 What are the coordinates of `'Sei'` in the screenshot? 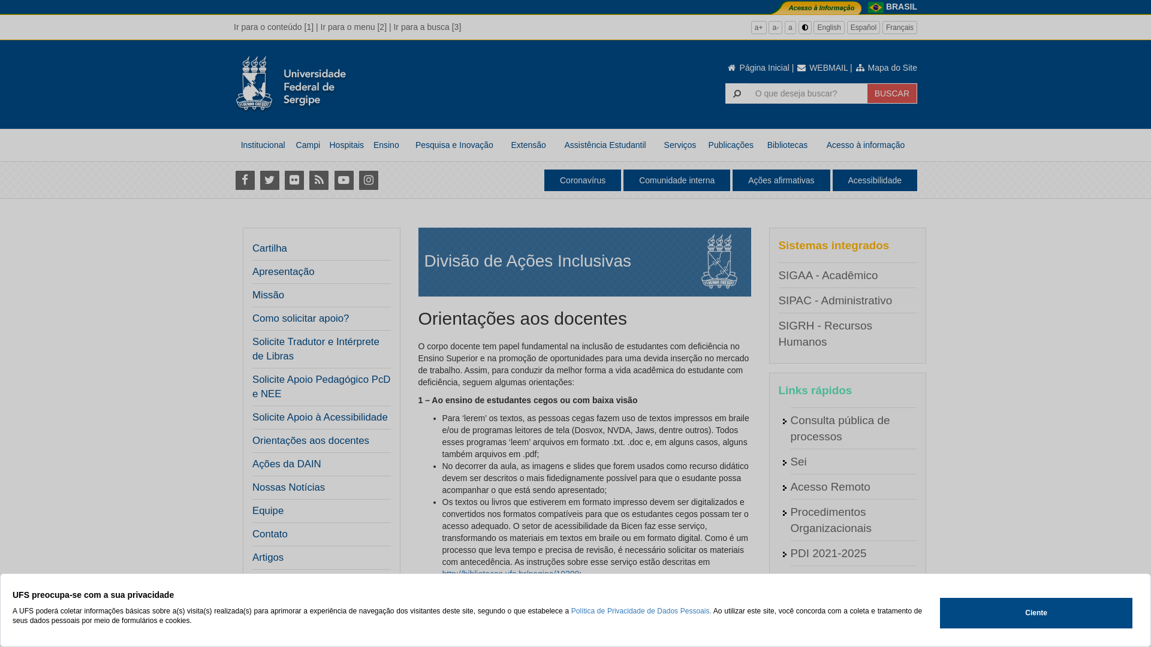 It's located at (790, 461).